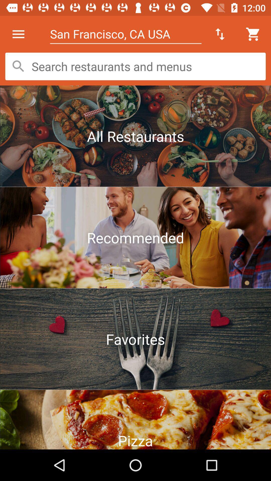 This screenshot has width=271, height=481. Describe the element at coordinates (220, 34) in the screenshot. I see `the item next to san francisco ca icon` at that location.